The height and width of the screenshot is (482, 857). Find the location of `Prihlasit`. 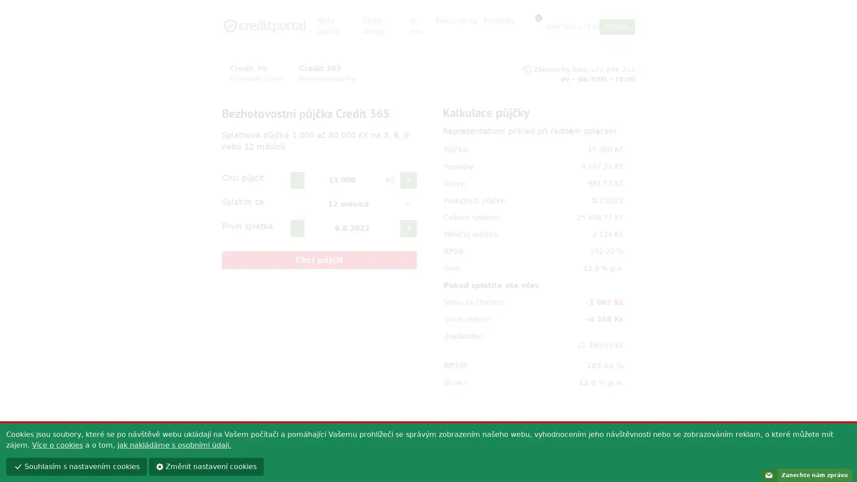

Prihlasit is located at coordinates (616, 26).